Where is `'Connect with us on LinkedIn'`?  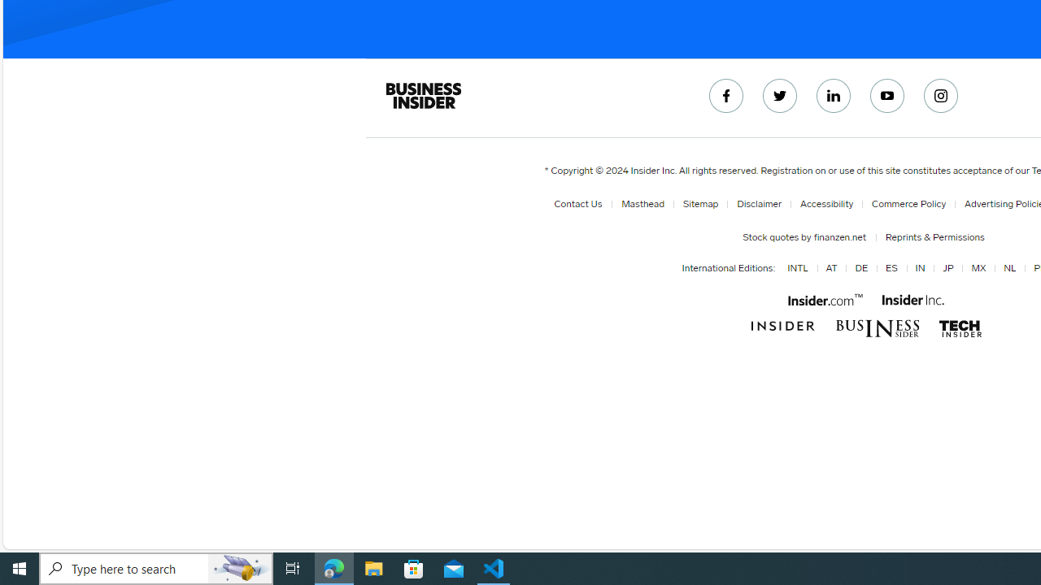
'Connect with us on LinkedIn' is located at coordinates (834, 96).